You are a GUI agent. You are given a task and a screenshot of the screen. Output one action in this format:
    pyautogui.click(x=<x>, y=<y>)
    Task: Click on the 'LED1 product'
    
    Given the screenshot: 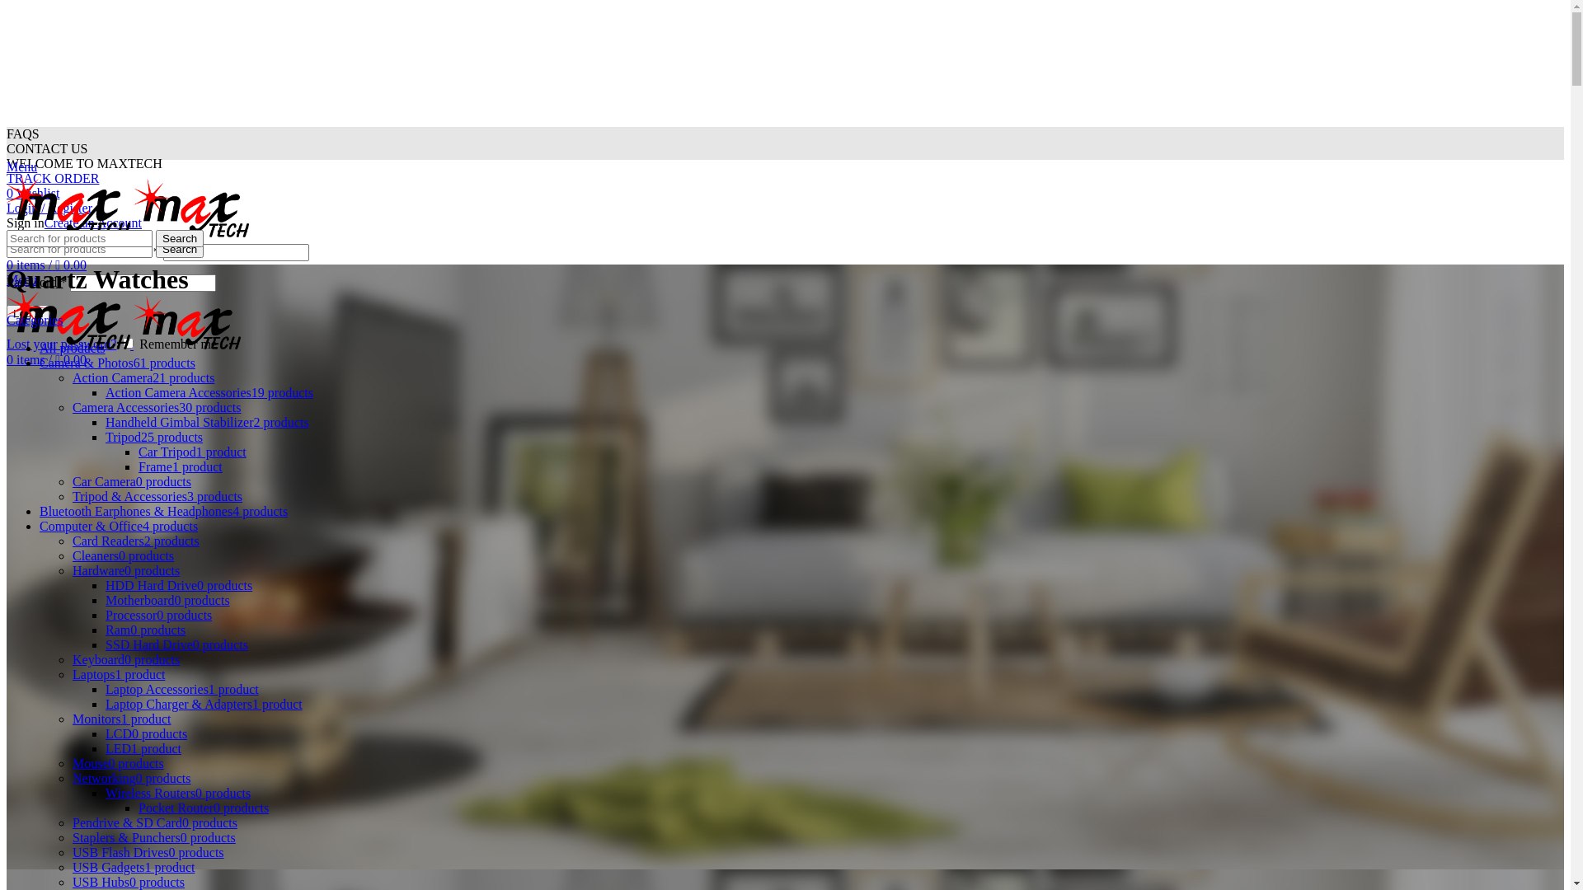 What is the action you would take?
    pyautogui.click(x=143, y=748)
    